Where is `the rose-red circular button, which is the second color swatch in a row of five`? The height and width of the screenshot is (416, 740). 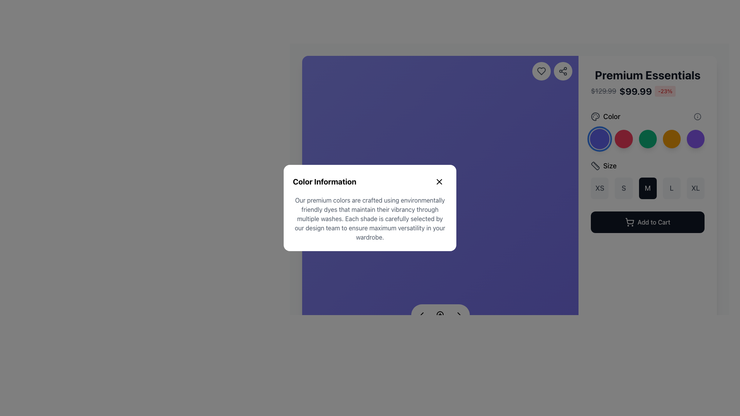 the rose-red circular button, which is the second color swatch in a row of five is located at coordinates (624, 139).